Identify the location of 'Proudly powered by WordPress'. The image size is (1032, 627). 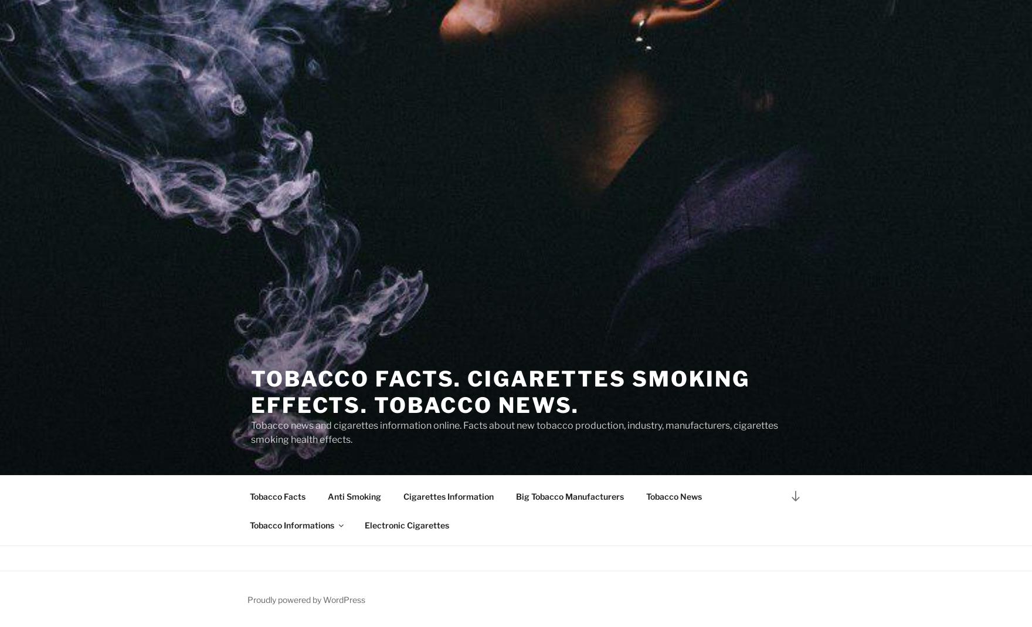
(306, 599).